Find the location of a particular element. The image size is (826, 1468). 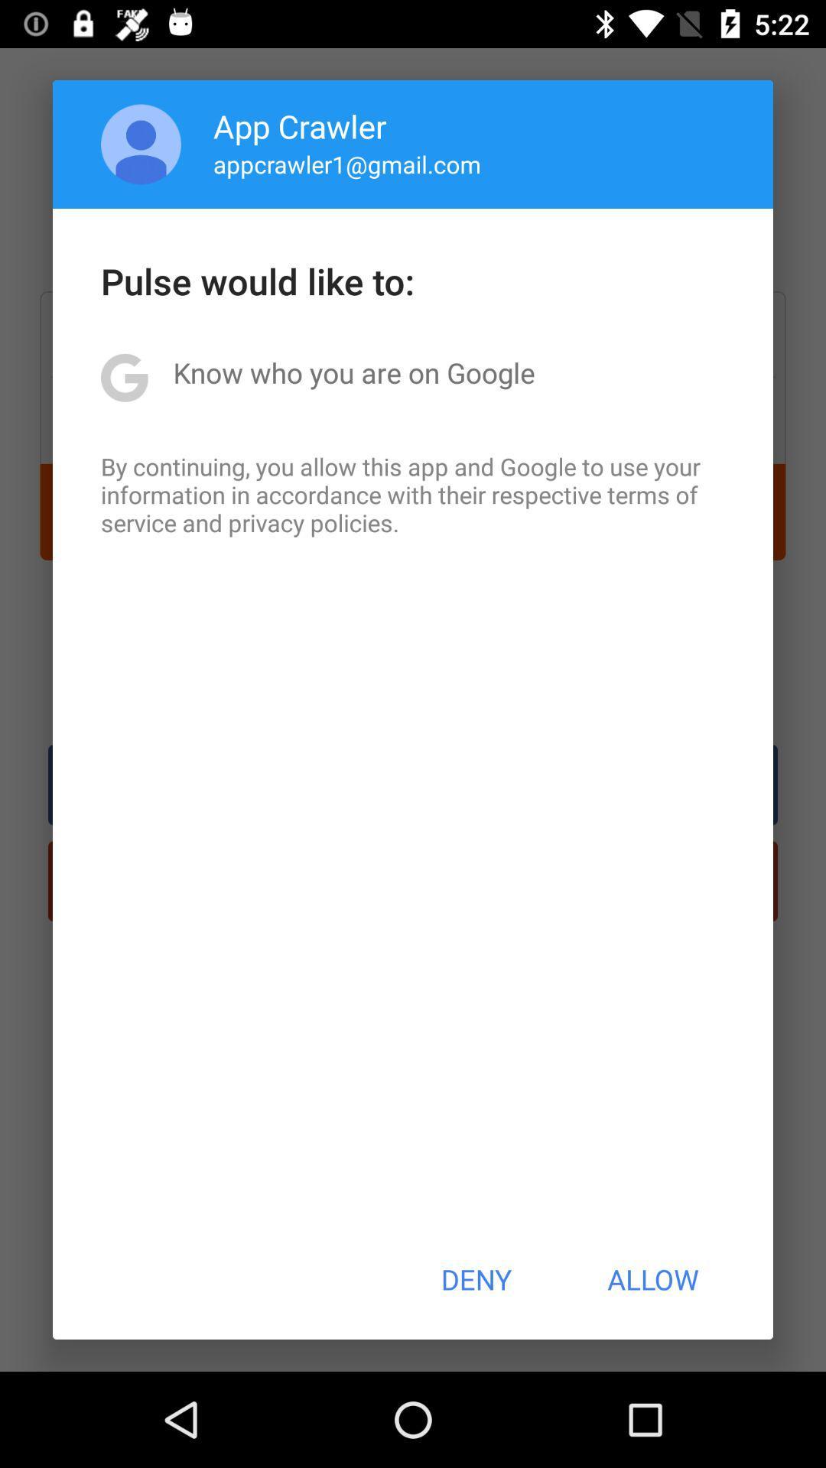

the icon above the by continuing you app is located at coordinates (354, 372).